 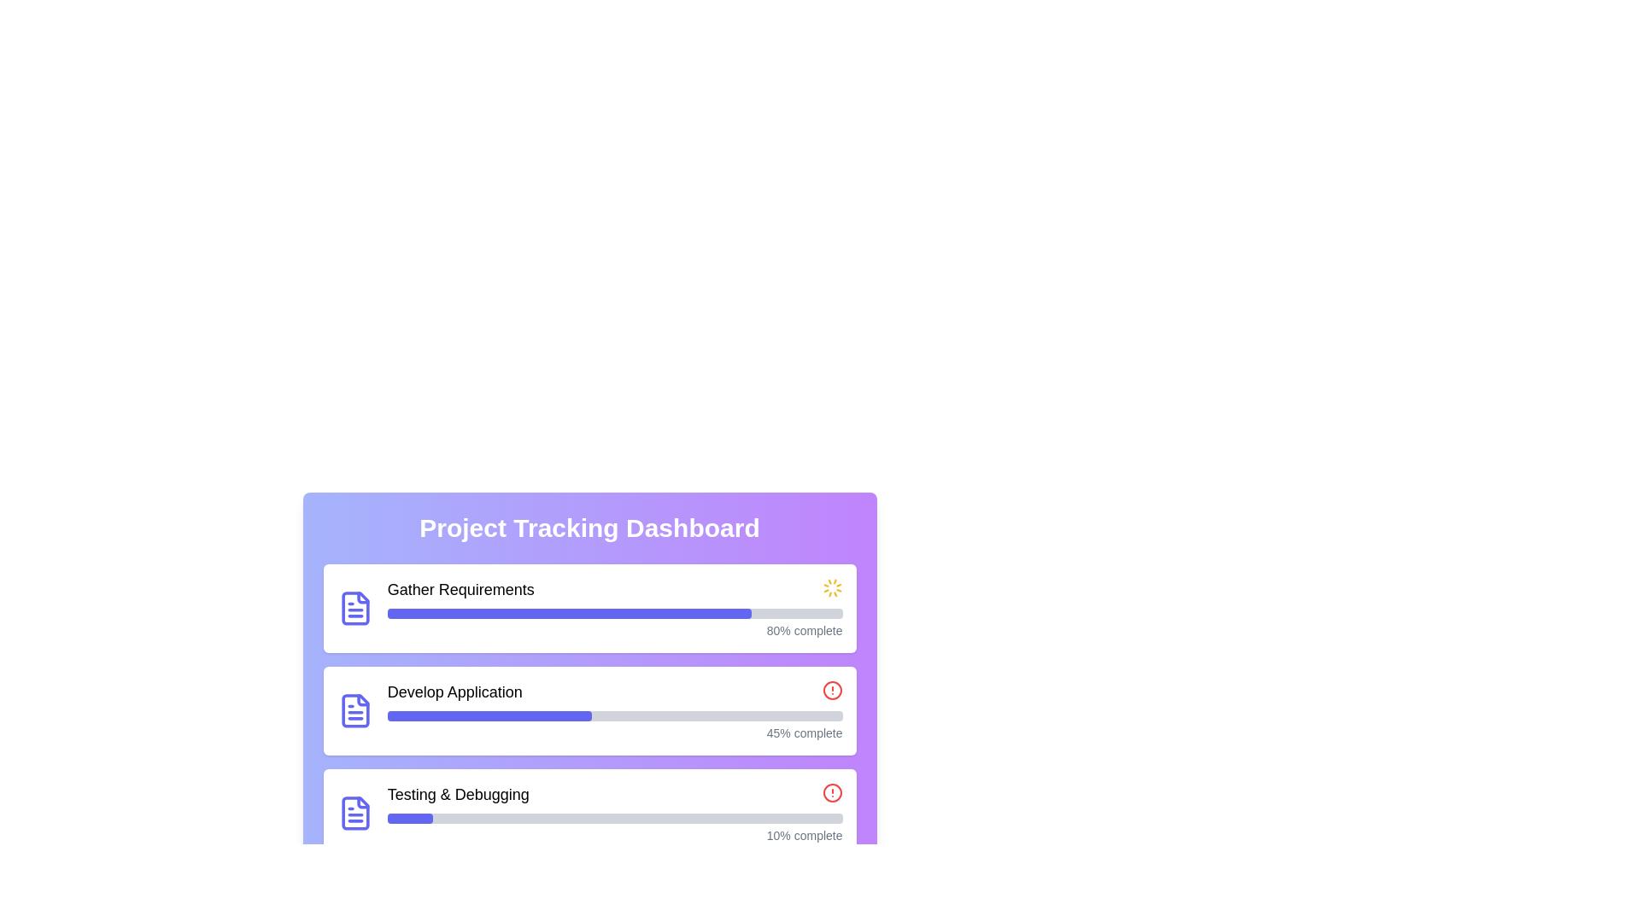 I want to click on the blue file outline icon located to the left of the 'Testing & Debugging' label in the third row of the project tracking dashboard, so click(x=354, y=812).